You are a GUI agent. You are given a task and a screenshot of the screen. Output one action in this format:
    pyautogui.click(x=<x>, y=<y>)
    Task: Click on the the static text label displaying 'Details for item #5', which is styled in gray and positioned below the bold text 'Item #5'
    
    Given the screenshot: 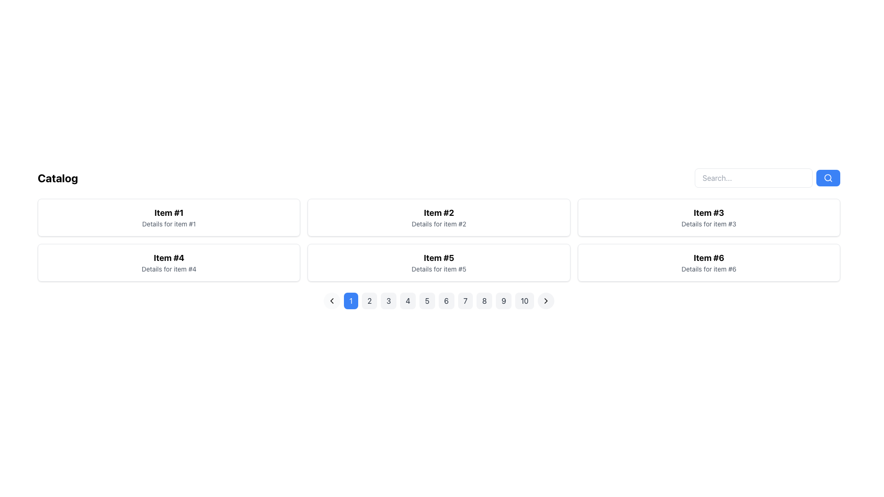 What is the action you would take?
    pyautogui.click(x=438, y=269)
    